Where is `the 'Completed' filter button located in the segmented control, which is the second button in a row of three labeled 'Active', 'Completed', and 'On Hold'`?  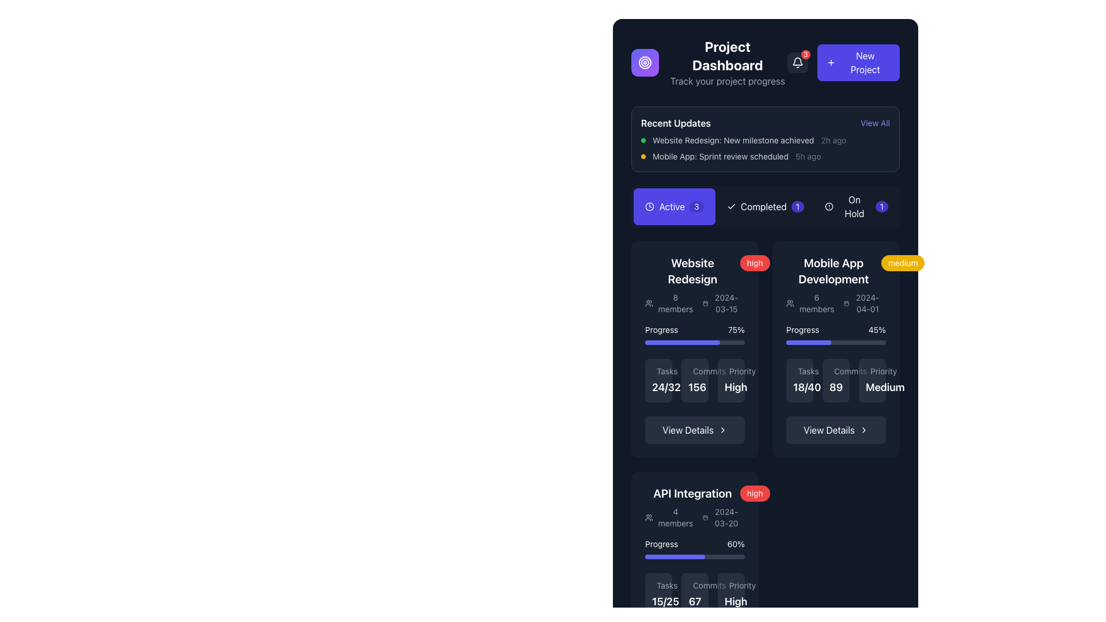
the 'Completed' filter button located in the segmented control, which is the second button in a row of three labeled 'Active', 'Completed', and 'On Hold' is located at coordinates (766, 206).